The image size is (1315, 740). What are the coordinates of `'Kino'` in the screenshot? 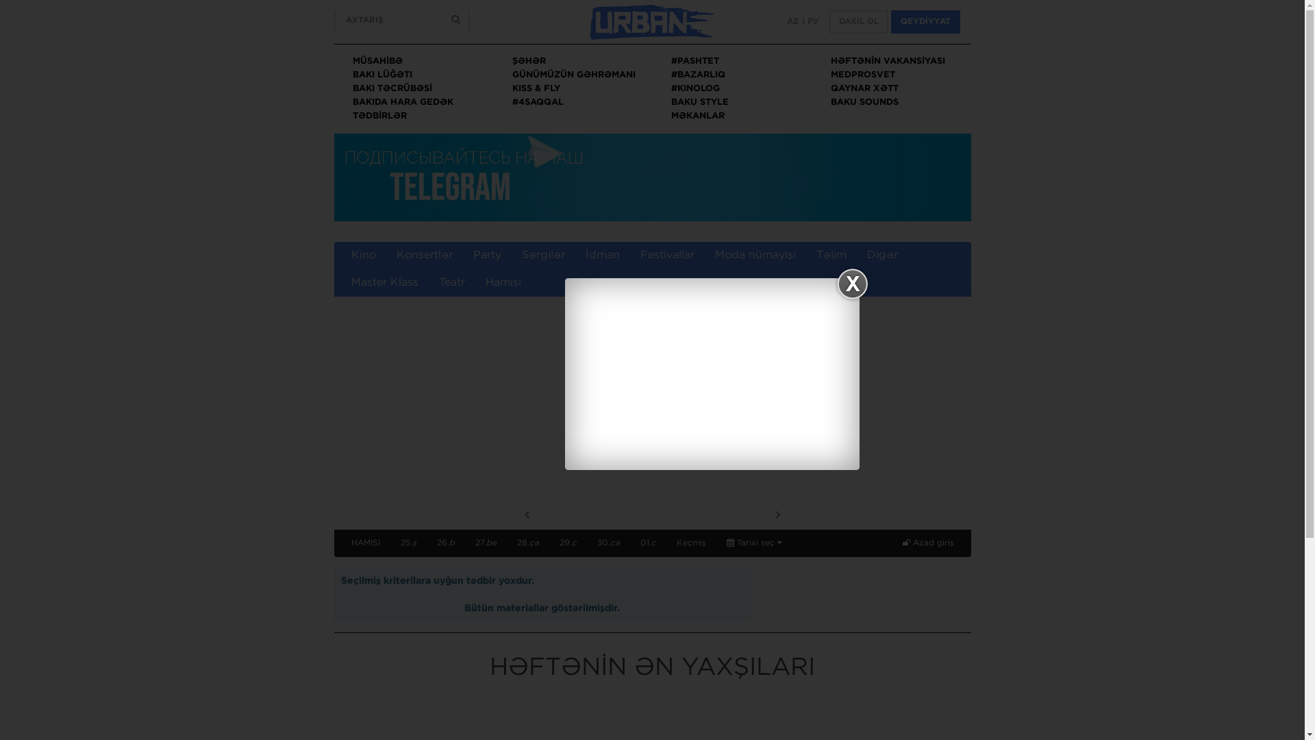 It's located at (364, 256).